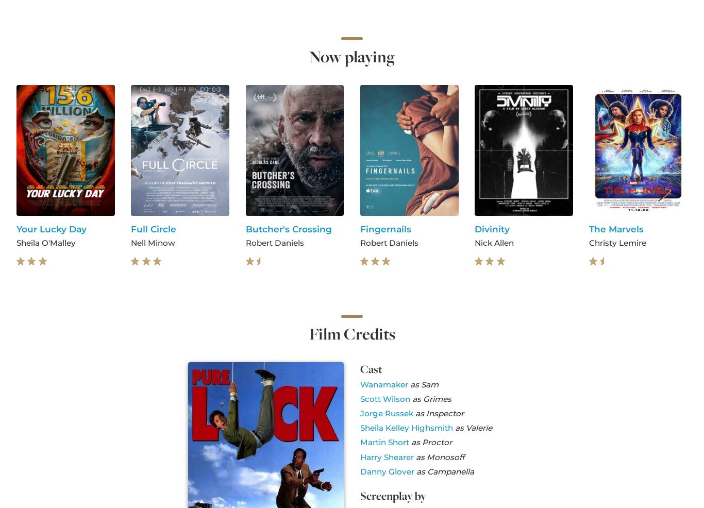 The height and width of the screenshot is (508, 704). Describe the element at coordinates (617, 242) in the screenshot. I see `'Christy Lemire'` at that location.